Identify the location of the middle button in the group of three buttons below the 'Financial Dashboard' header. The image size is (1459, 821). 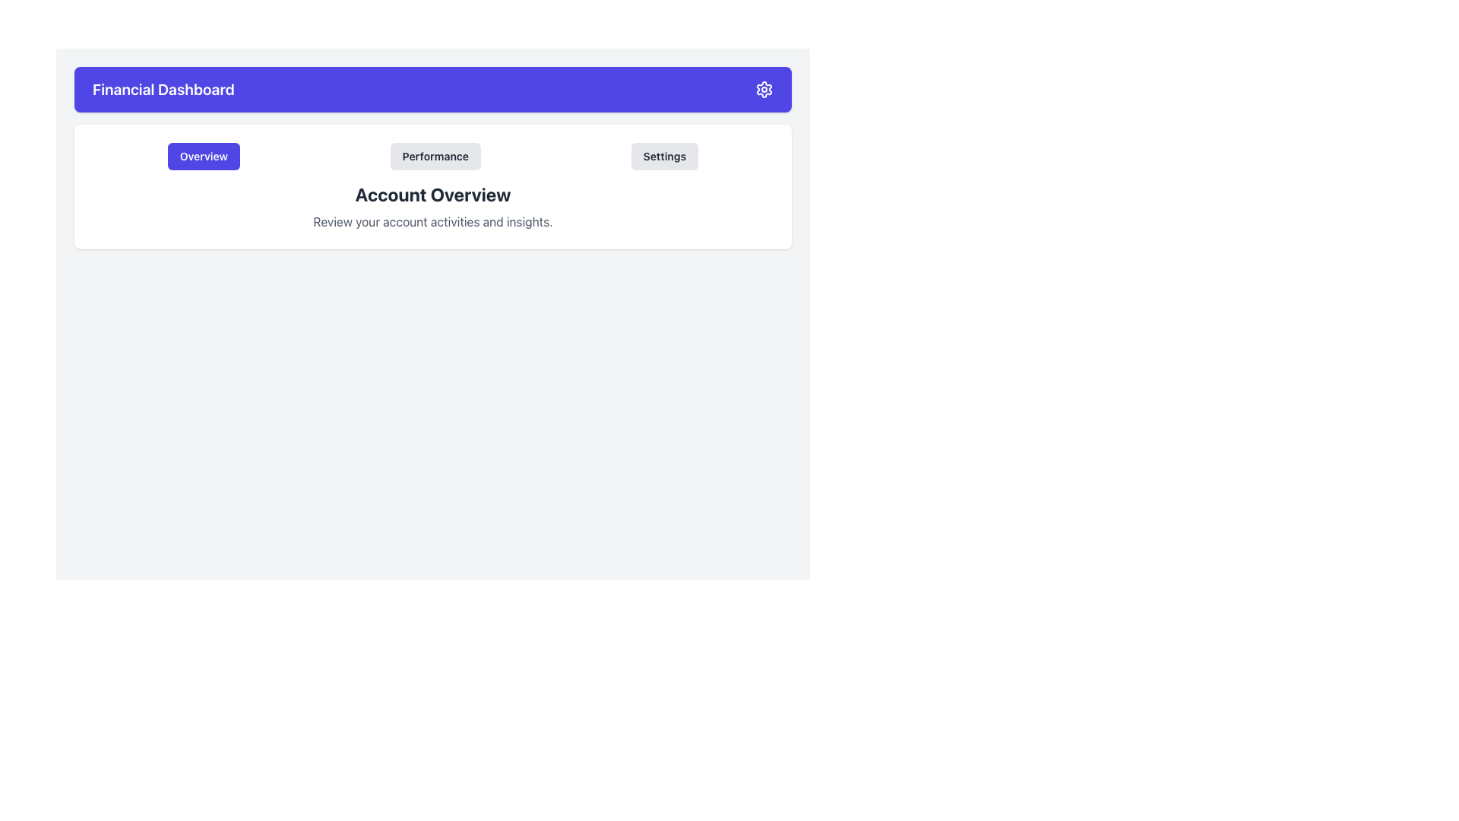
(435, 156).